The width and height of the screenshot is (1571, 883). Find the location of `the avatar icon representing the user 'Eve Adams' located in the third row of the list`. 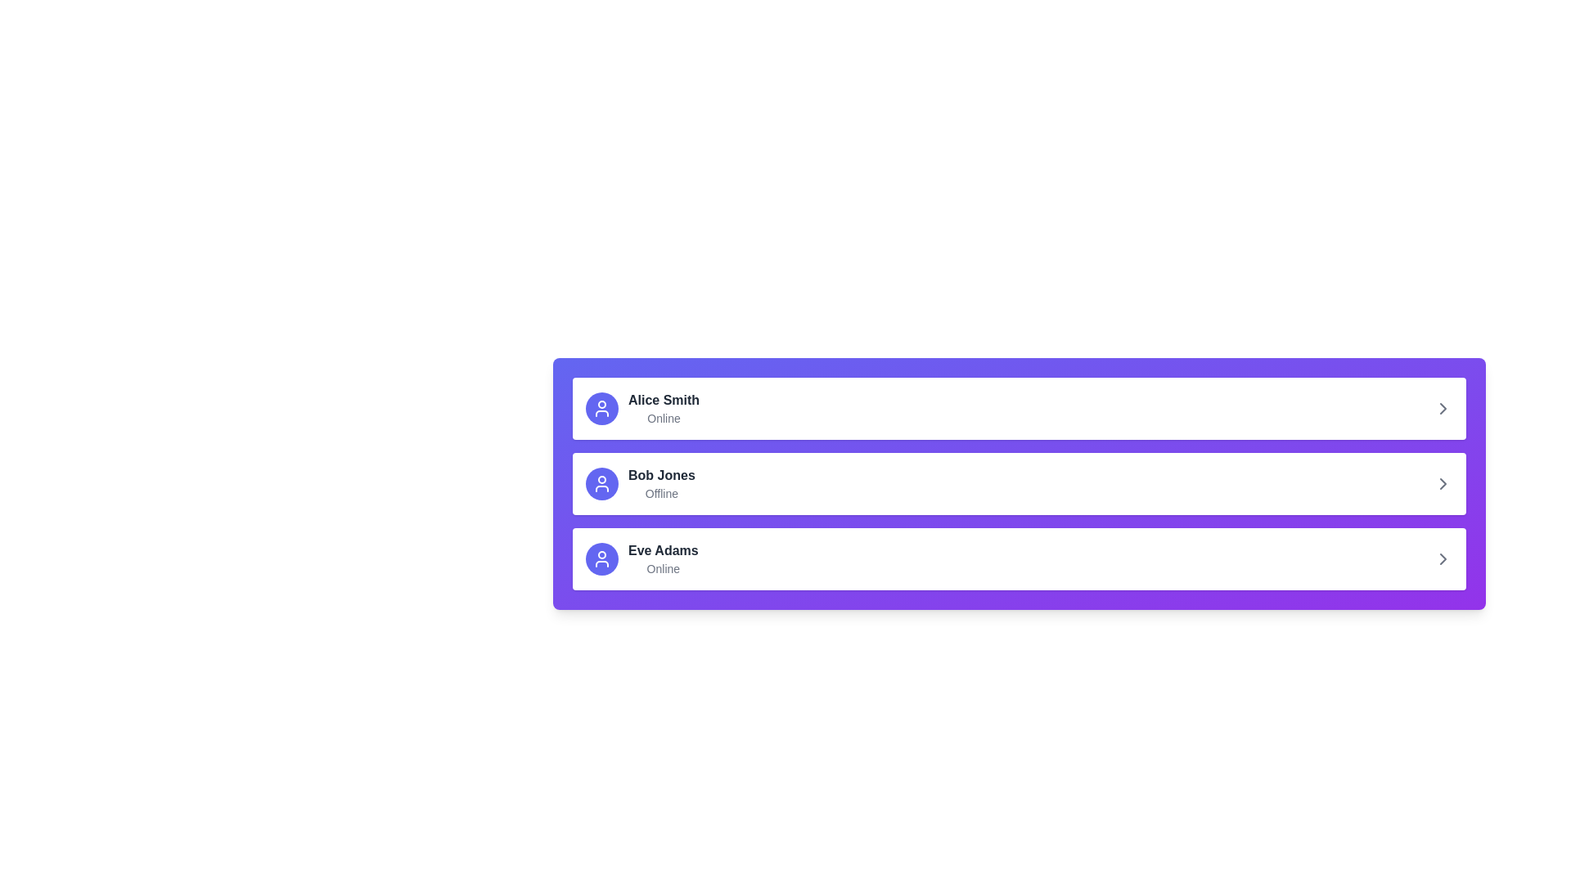

the avatar icon representing the user 'Eve Adams' located in the third row of the list is located at coordinates (601, 558).